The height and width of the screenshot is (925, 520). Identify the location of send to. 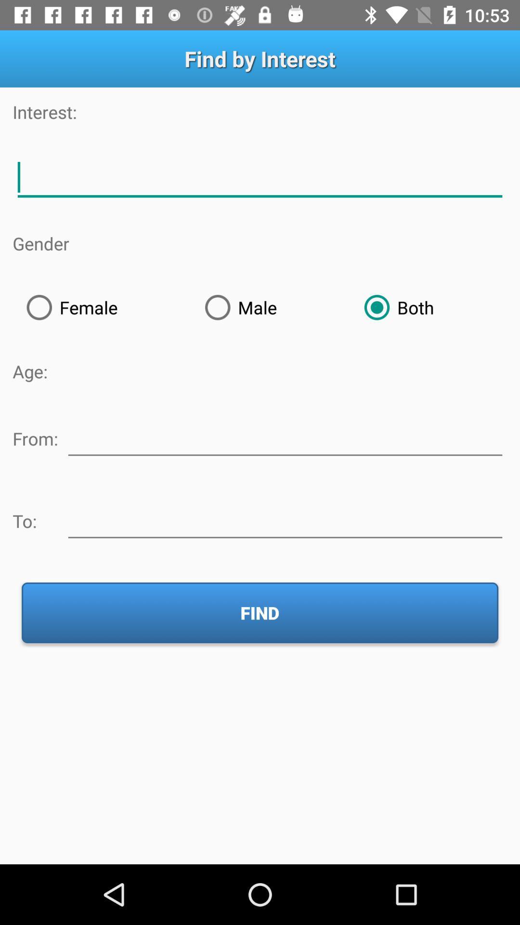
(285, 519).